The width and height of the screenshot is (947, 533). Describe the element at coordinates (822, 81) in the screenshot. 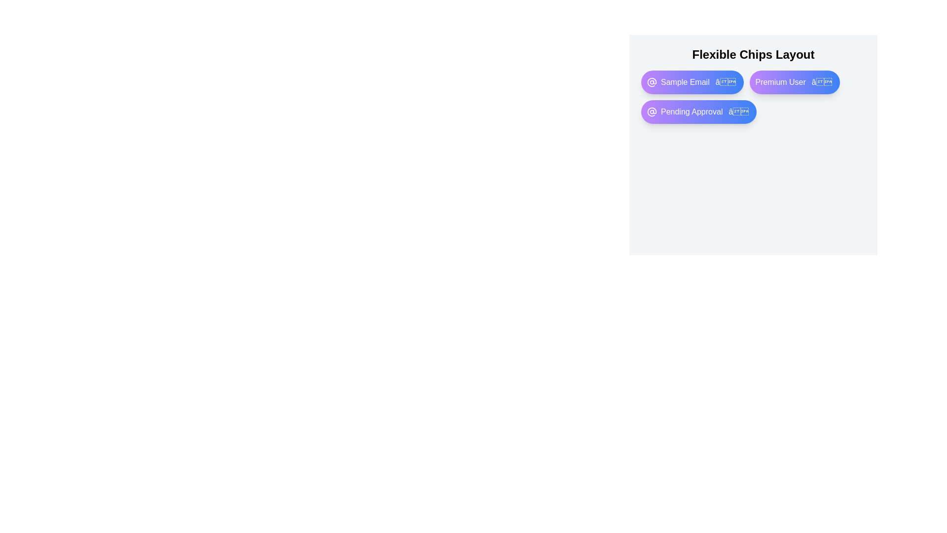

I see `close button of the chip labeled Premium User to remove it` at that location.